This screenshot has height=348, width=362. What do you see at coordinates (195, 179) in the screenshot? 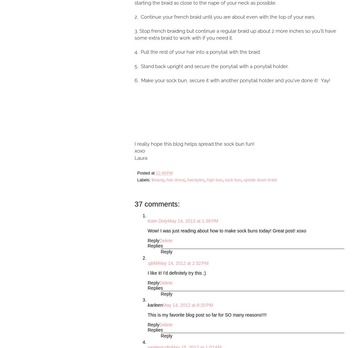
I see `'hairstyles'` at bounding box center [195, 179].